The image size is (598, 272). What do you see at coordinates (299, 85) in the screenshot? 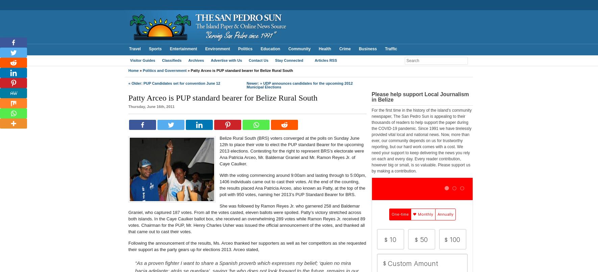
I see `'UDP announces candidates for the upcoming 2012 Municipal Elections'` at bounding box center [299, 85].